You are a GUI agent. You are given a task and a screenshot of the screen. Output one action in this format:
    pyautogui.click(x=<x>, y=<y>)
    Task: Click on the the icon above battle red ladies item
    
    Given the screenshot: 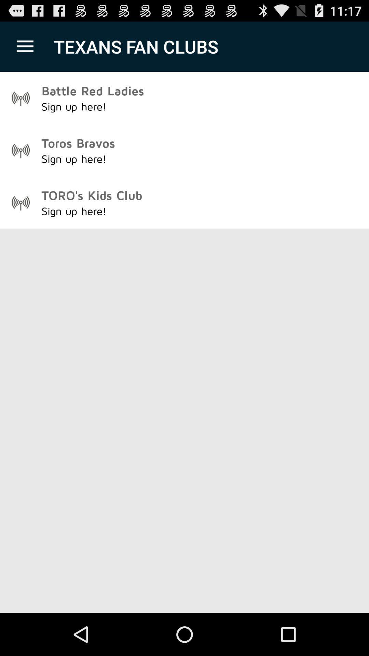 What is the action you would take?
    pyautogui.click(x=25, y=46)
    